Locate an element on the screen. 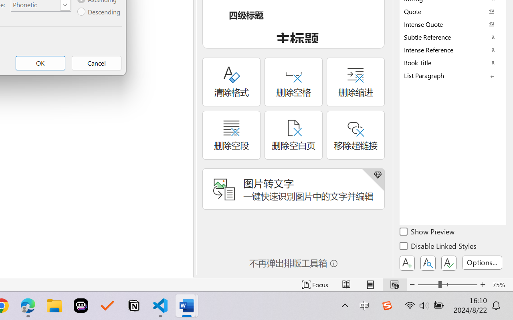 The image size is (513, 320). 'Class: NetUIButton' is located at coordinates (449, 263).